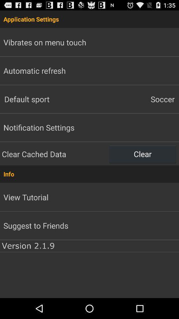 This screenshot has height=319, width=179. Describe the element at coordinates (89, 173) in the screenshot. I see `the item at the center` at that location.